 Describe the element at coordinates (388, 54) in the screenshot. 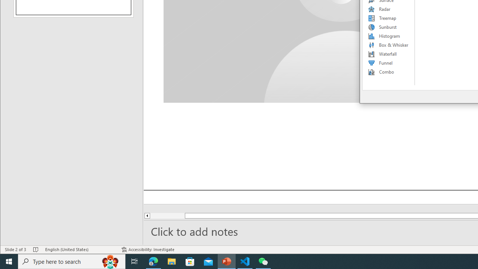

I see `'Waterfall'` at that location.